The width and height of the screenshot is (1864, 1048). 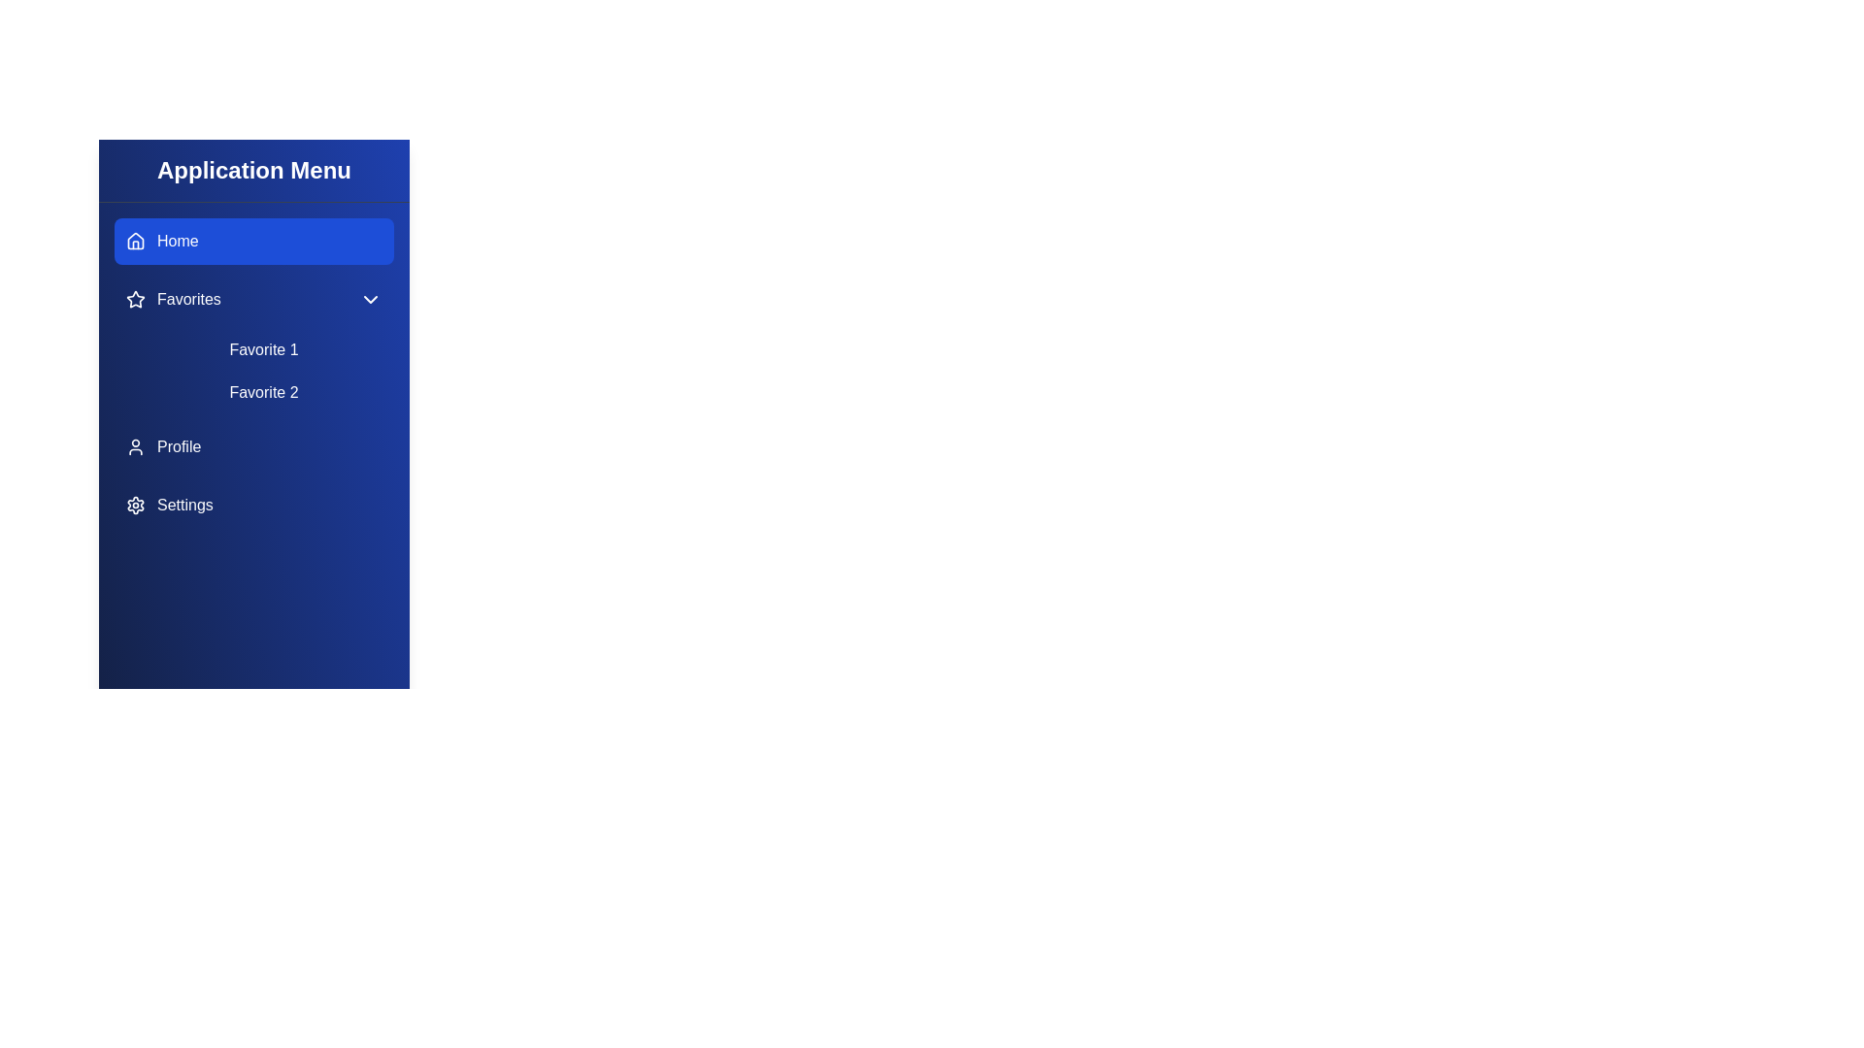 I want to click on the 'Settings' menu item, which is the fourth item, so click(x=169, y=504).